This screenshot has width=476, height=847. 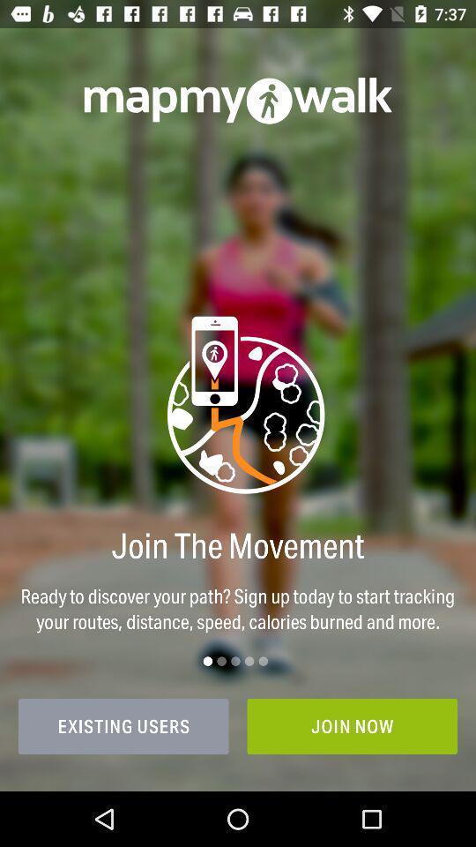 I want to click on the item to the right of existing users, so click(x=352, y=726).